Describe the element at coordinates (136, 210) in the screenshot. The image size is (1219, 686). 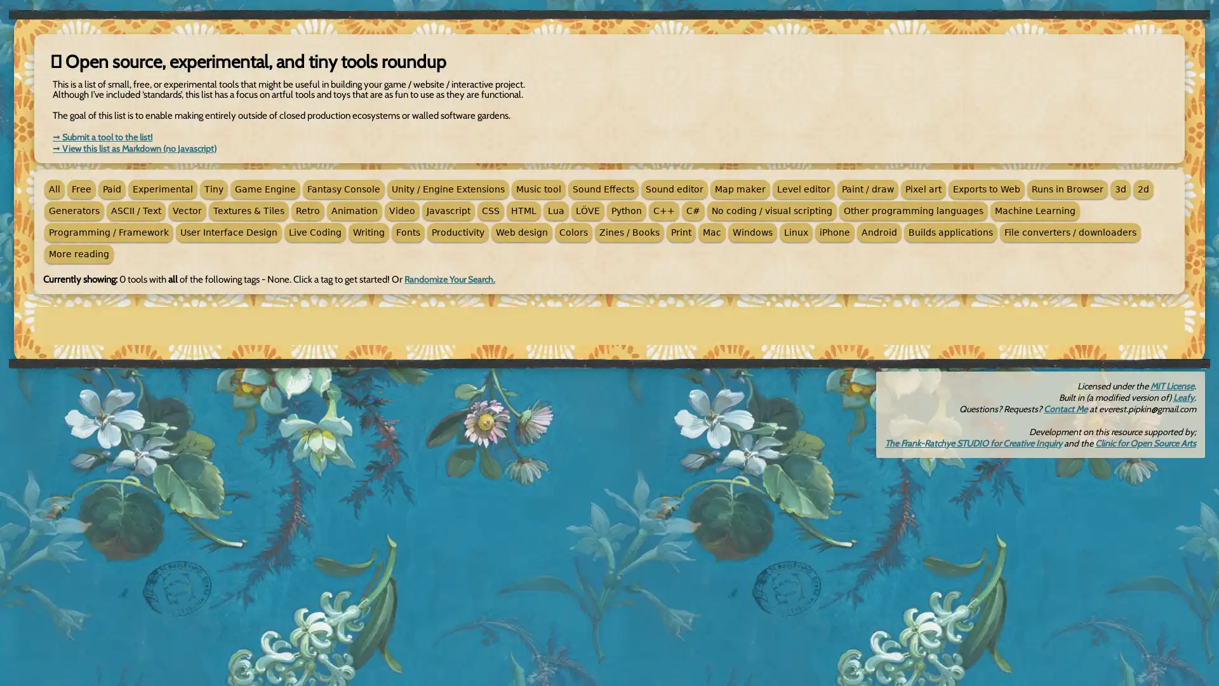
I see `ASCII / Text` at that location.